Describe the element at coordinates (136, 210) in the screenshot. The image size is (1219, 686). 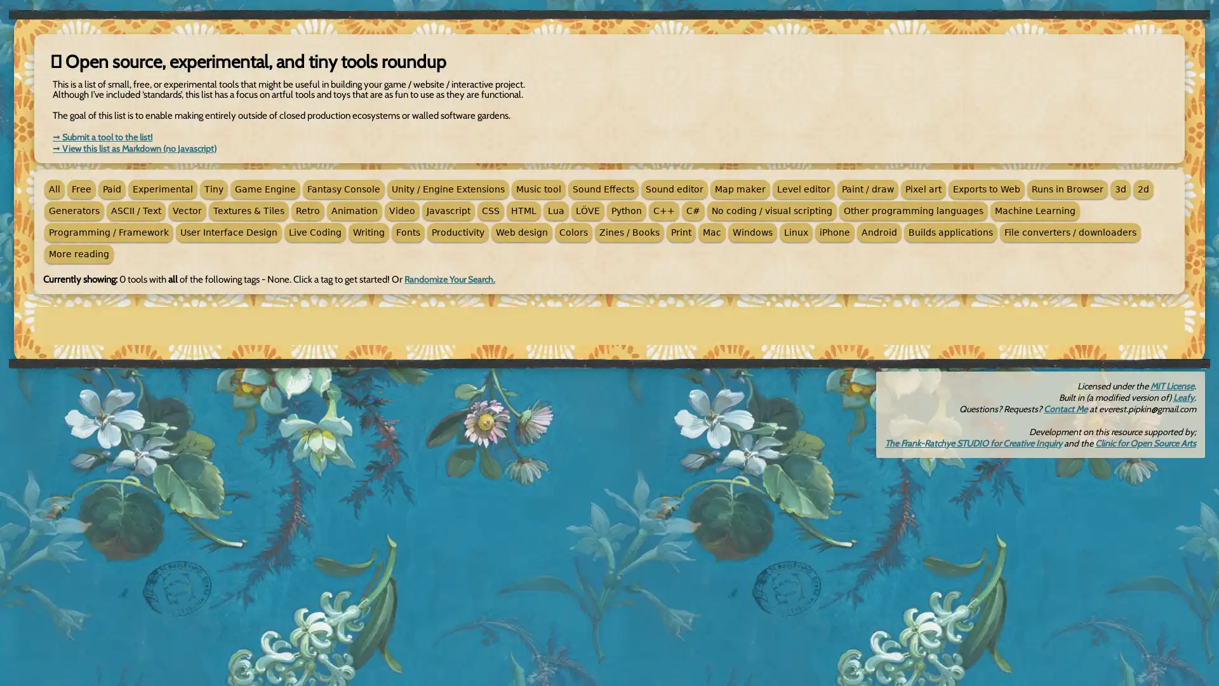
I see `ASCII / Text` at that location.